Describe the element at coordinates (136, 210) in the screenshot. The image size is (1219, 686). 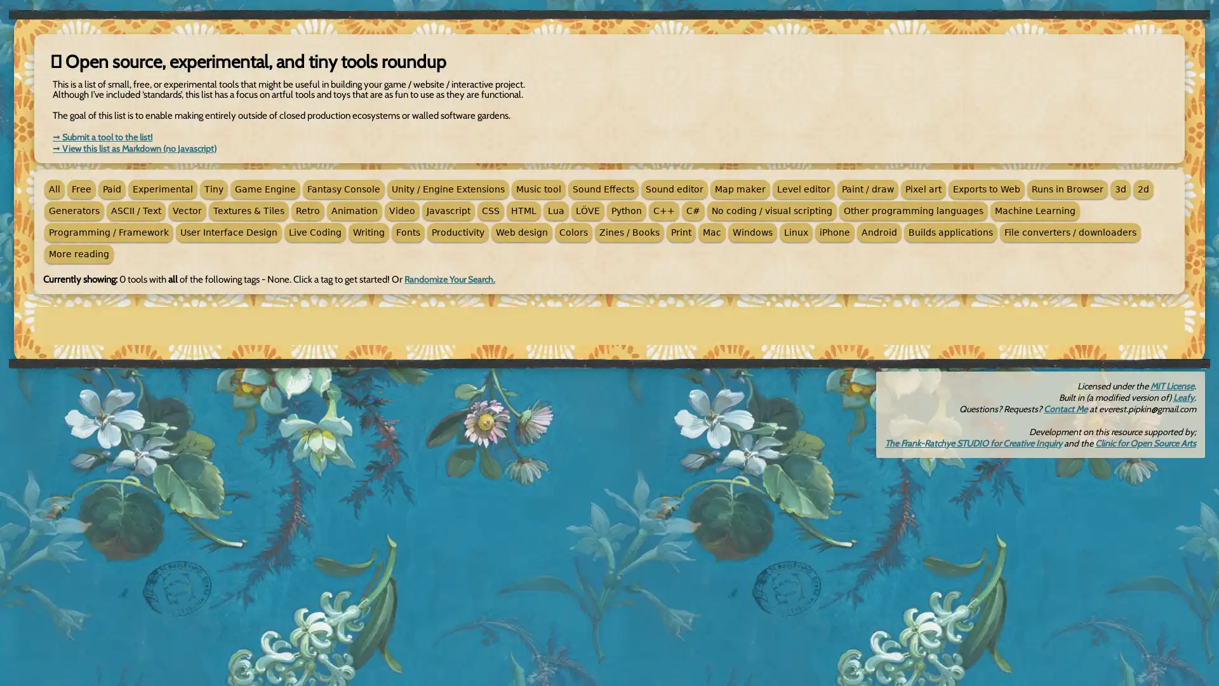
I see `ASCII / Text` at that location.